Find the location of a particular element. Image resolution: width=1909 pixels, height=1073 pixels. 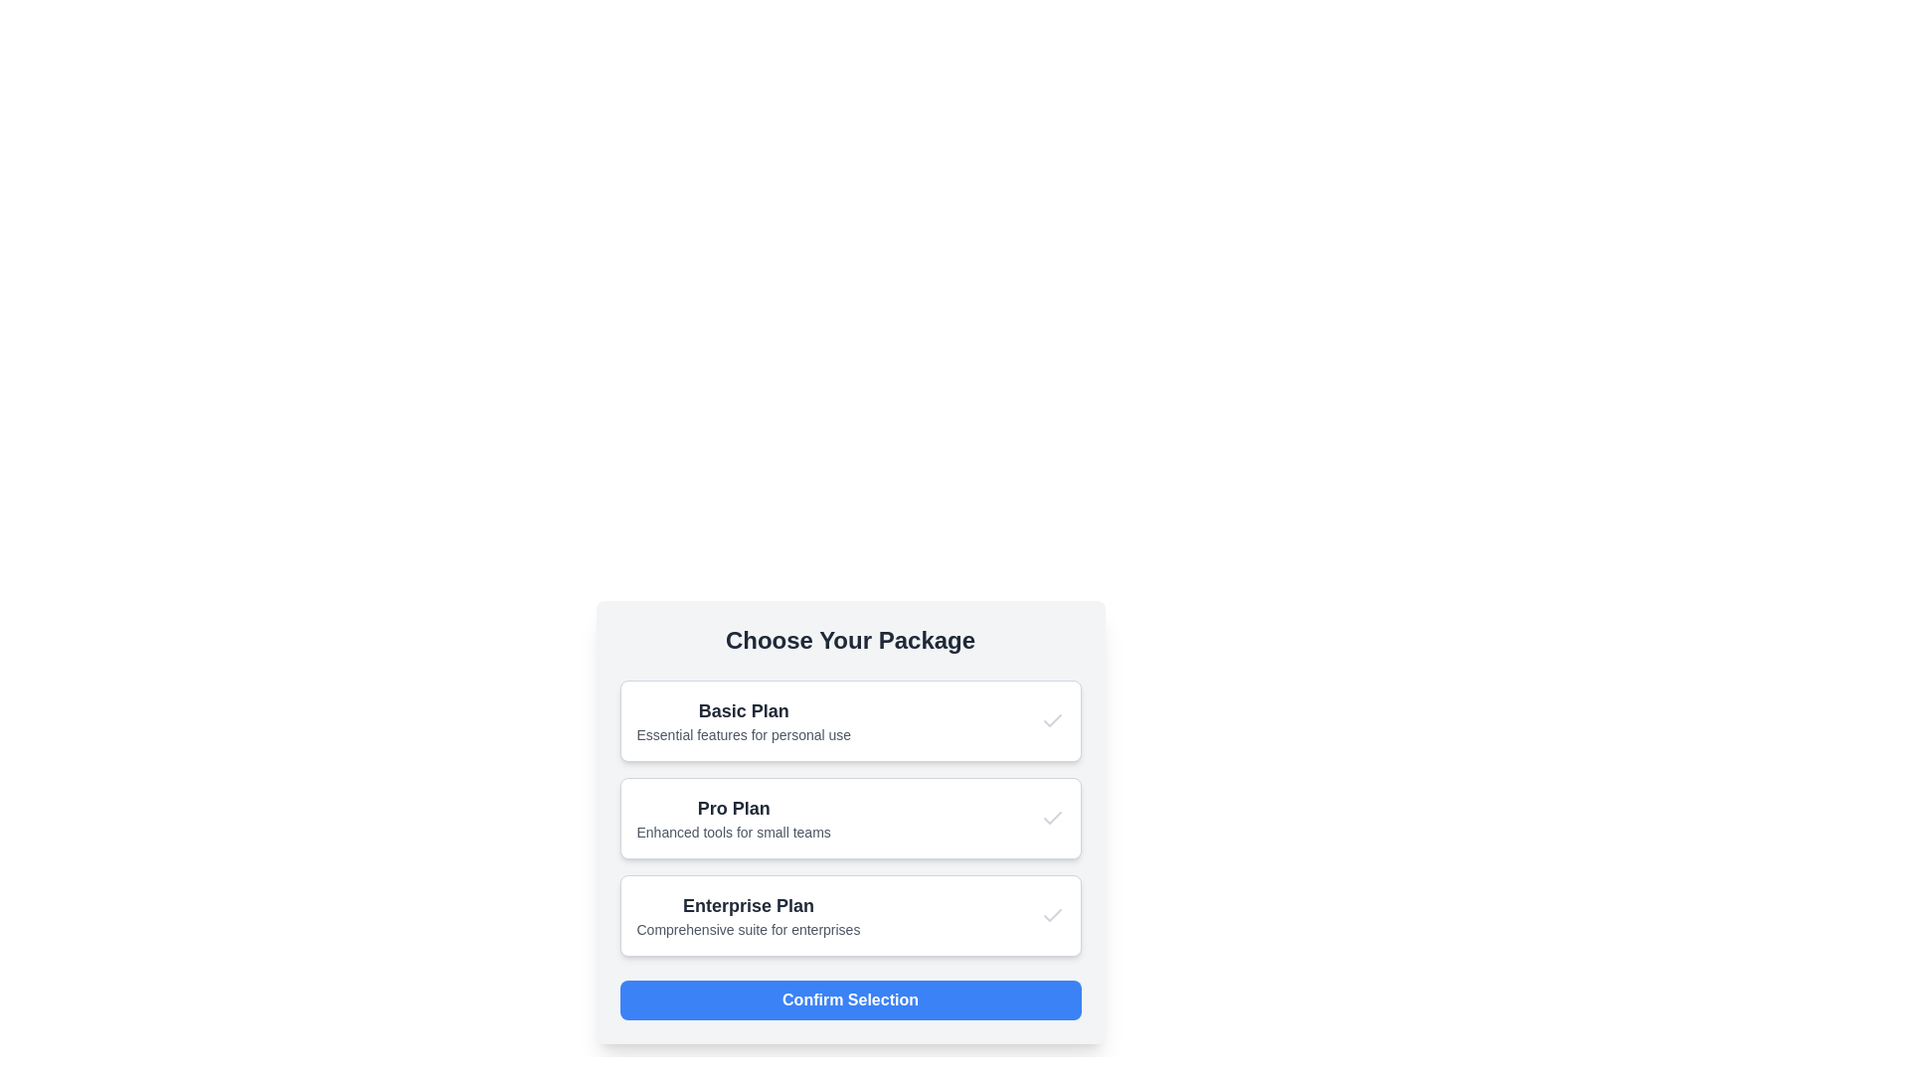

text label indicating the name of the first plan option, which is located at the top of the first card in the vertical list of plans is located at coordinates (743, 710).